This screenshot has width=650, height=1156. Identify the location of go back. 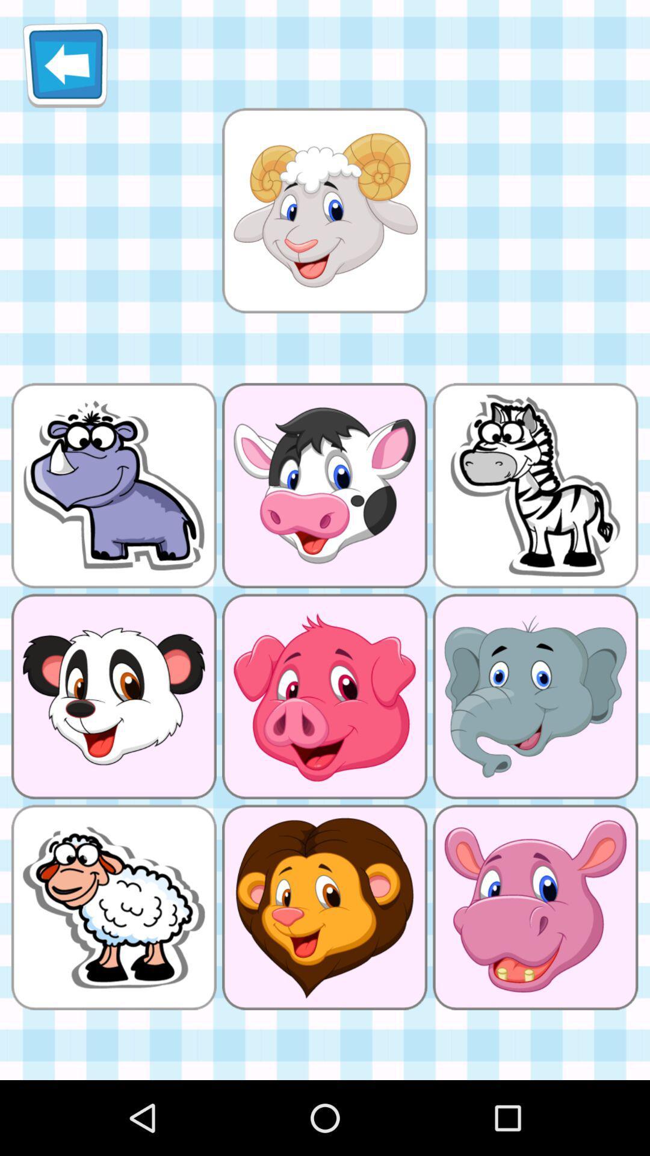
(65, 64).